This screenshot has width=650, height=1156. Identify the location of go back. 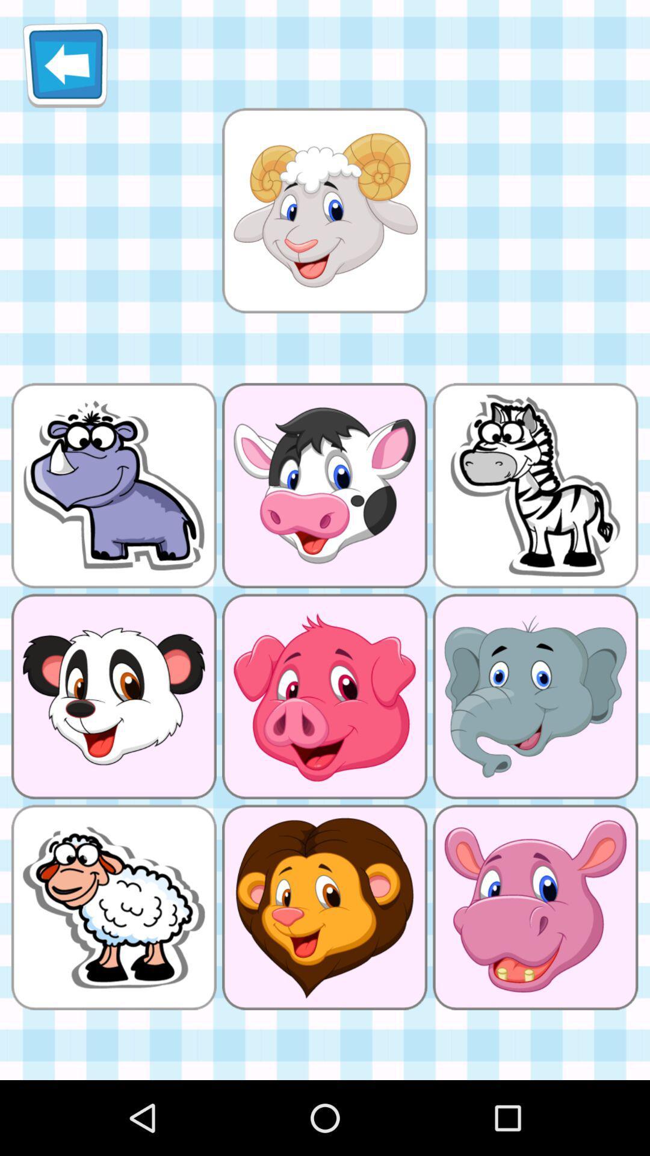
(65, 64).